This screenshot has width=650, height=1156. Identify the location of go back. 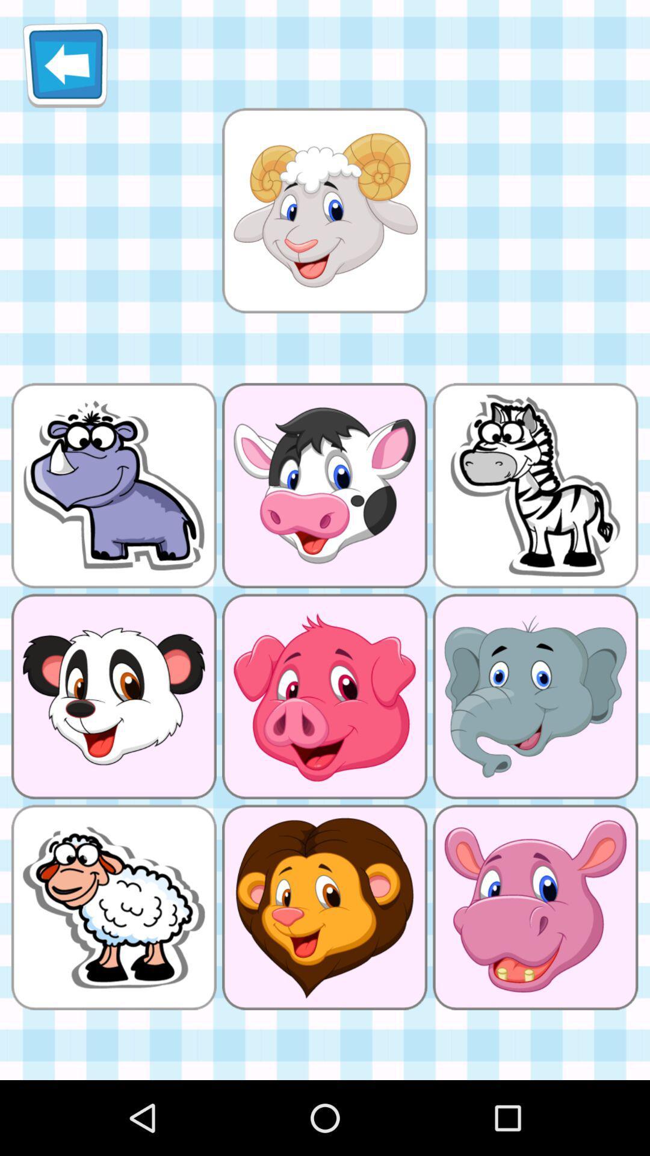
(65, 64).